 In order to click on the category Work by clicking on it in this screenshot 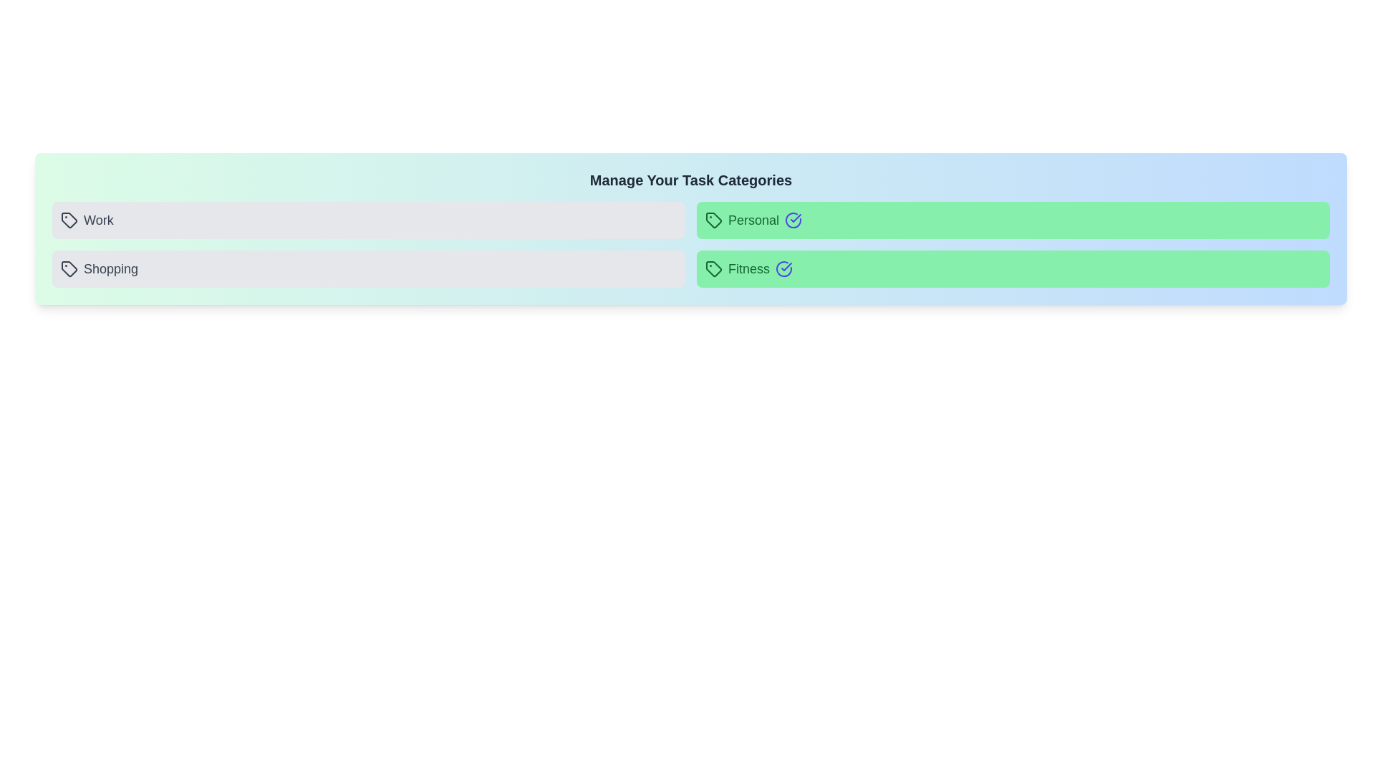, I will do `click(368, 220)`.